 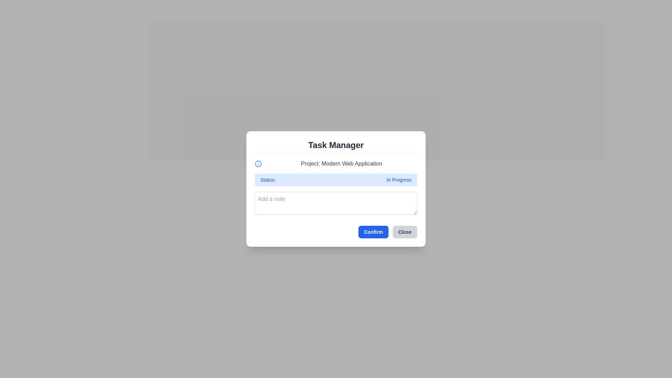 What do you see at coordinates (373, 232) in the screenshot?
I see `the 'Confirm' button, which is a rectangular button with rounded corners, blue background, and white text located at the bottom-right corner of the 'Task Manager' dialog box` at bounding box center [373, 232].